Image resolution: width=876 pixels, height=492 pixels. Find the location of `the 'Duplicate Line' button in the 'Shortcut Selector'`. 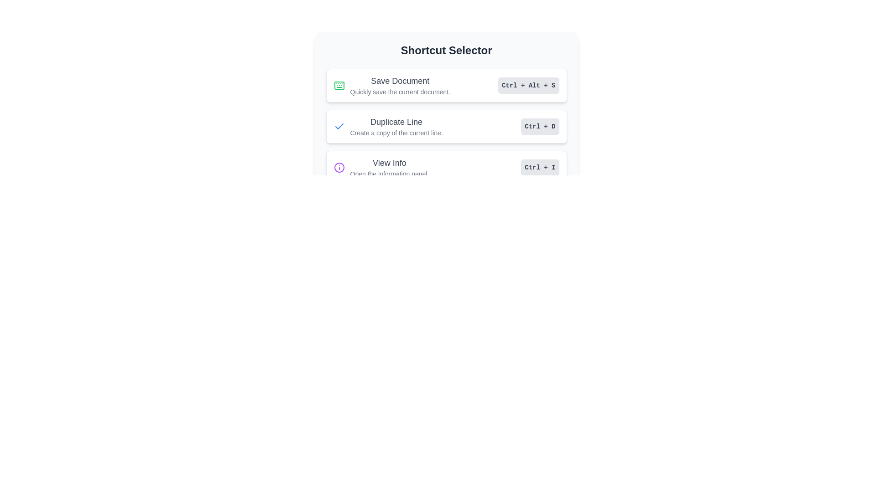

the 'Duplicate Line' button in the 'Shortcut Selector' is located at coordinates (446, 126).